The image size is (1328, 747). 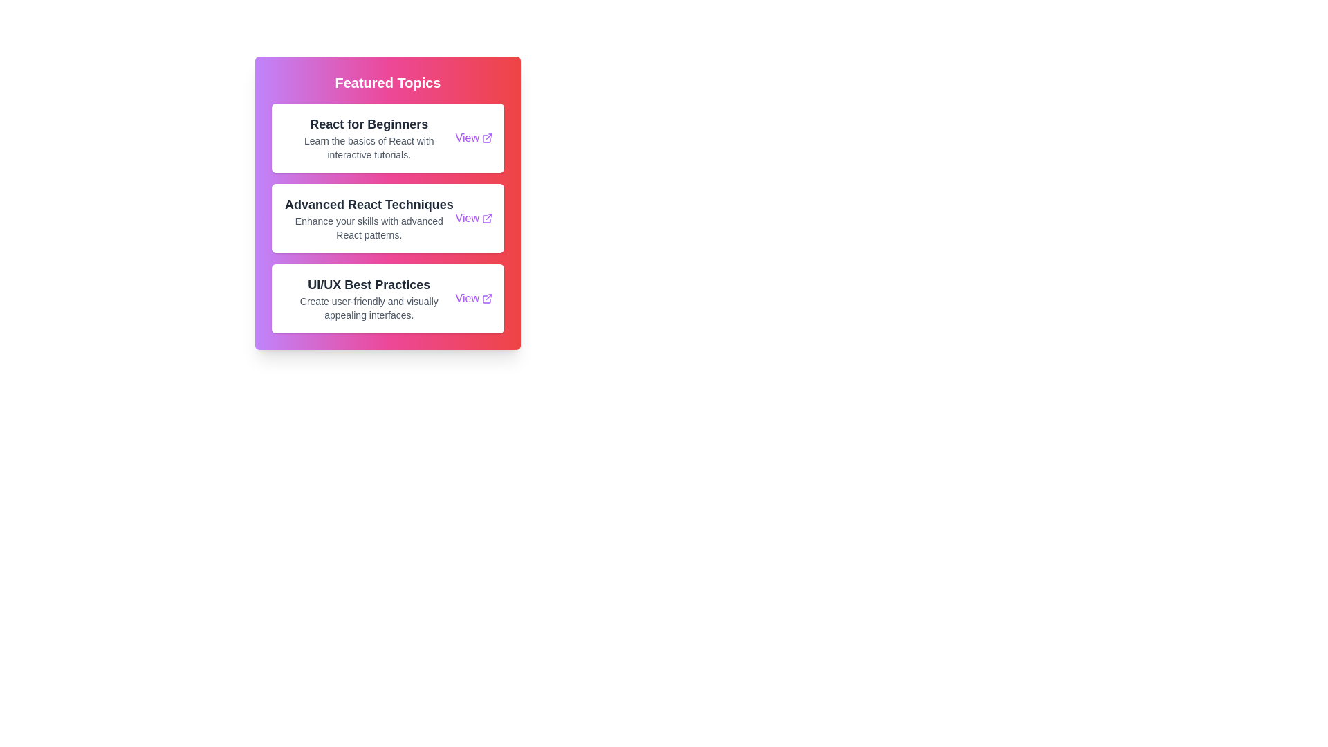 What do you see at coordinates (487, 138) in the screenshot?
I see `the small vector graphic shape that is part of the external link icon located` at bounding box center [487, 138].